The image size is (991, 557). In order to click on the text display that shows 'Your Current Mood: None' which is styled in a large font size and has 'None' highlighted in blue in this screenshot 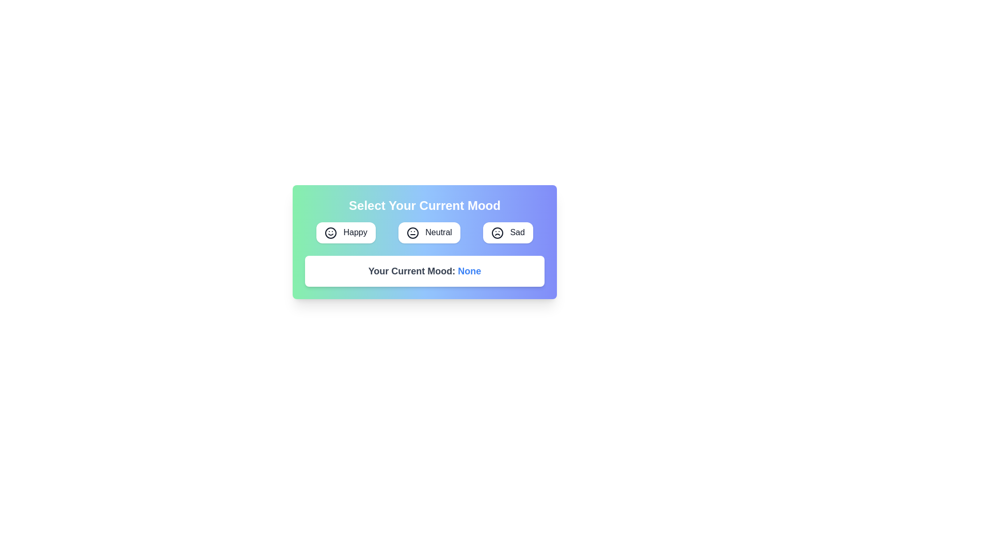, I will do `click(424, 270)`.